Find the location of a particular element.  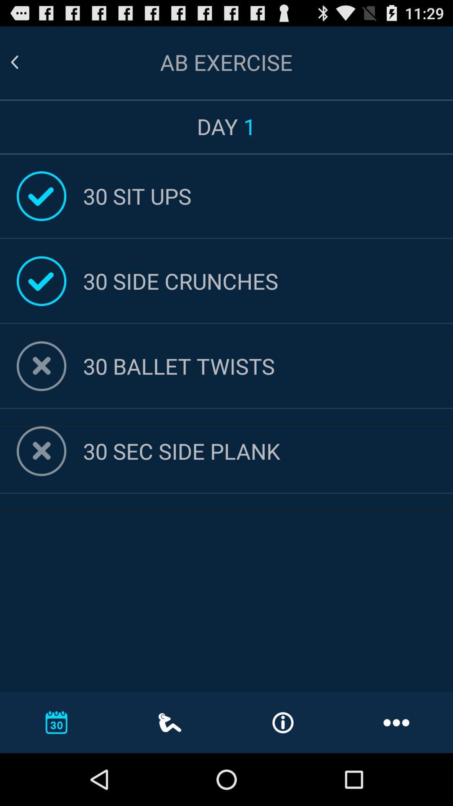

option beside 30 sec side plank is located at coordinates (42, 451).